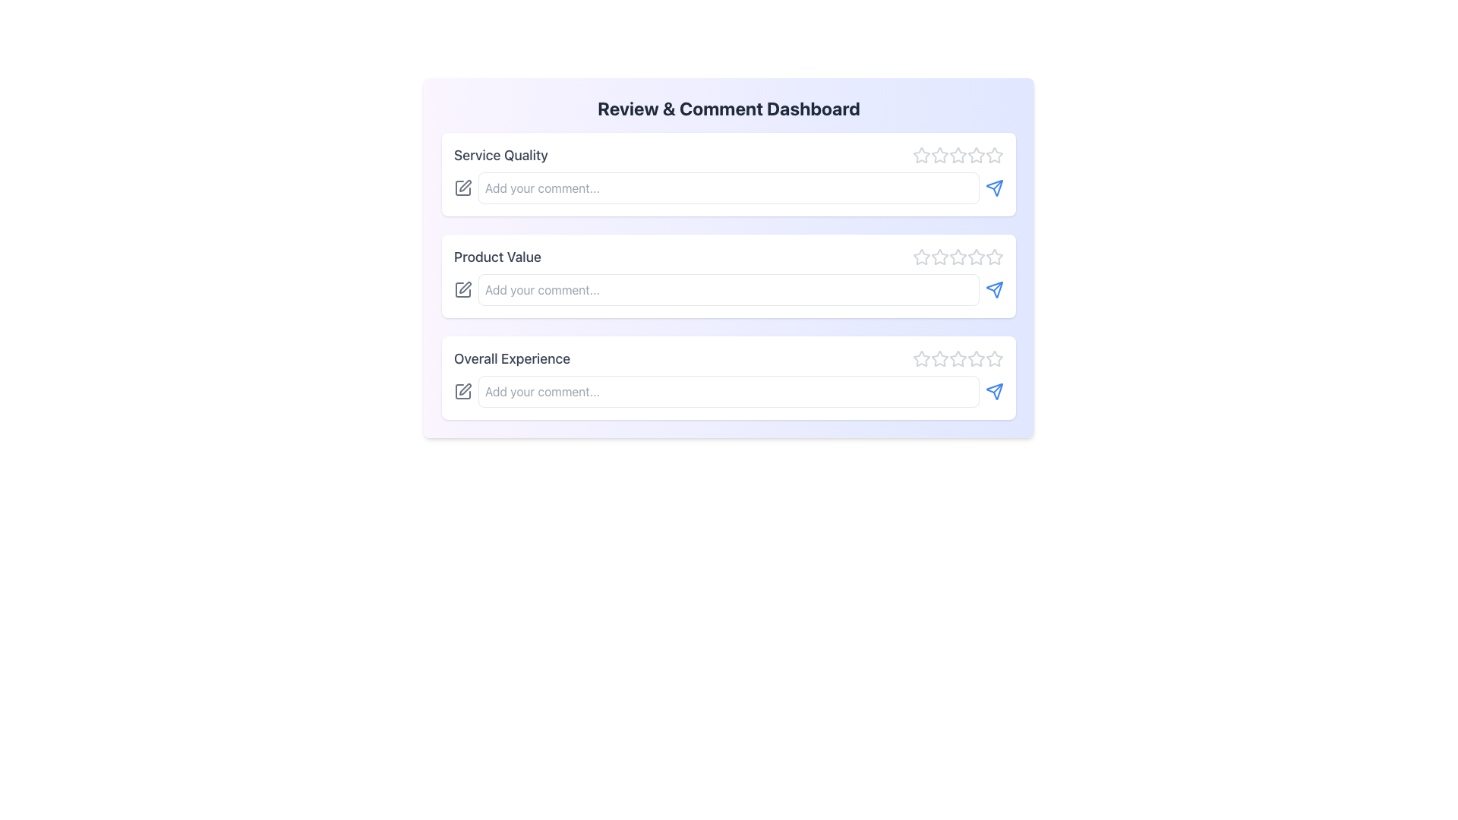 Image resolution: width=1458 pixels, height=820 pixels. I want to click on the small gray pen icon located to the left of the input box in the 'Service Quality' section, so click(462, 187).